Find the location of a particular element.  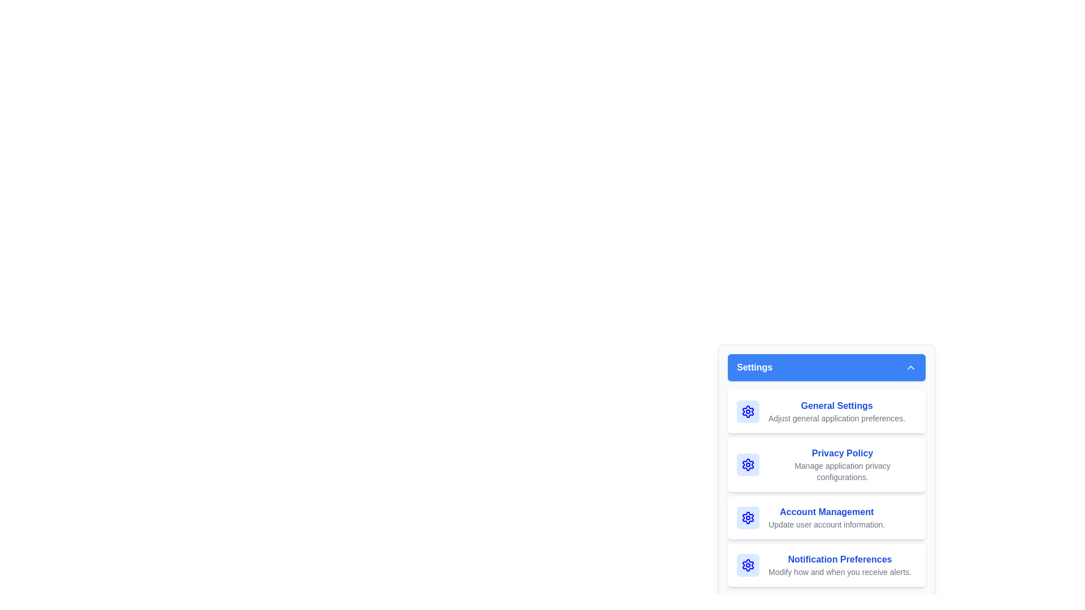

the menu item labeled Privacy Policy is located at coordinates (827, 464).